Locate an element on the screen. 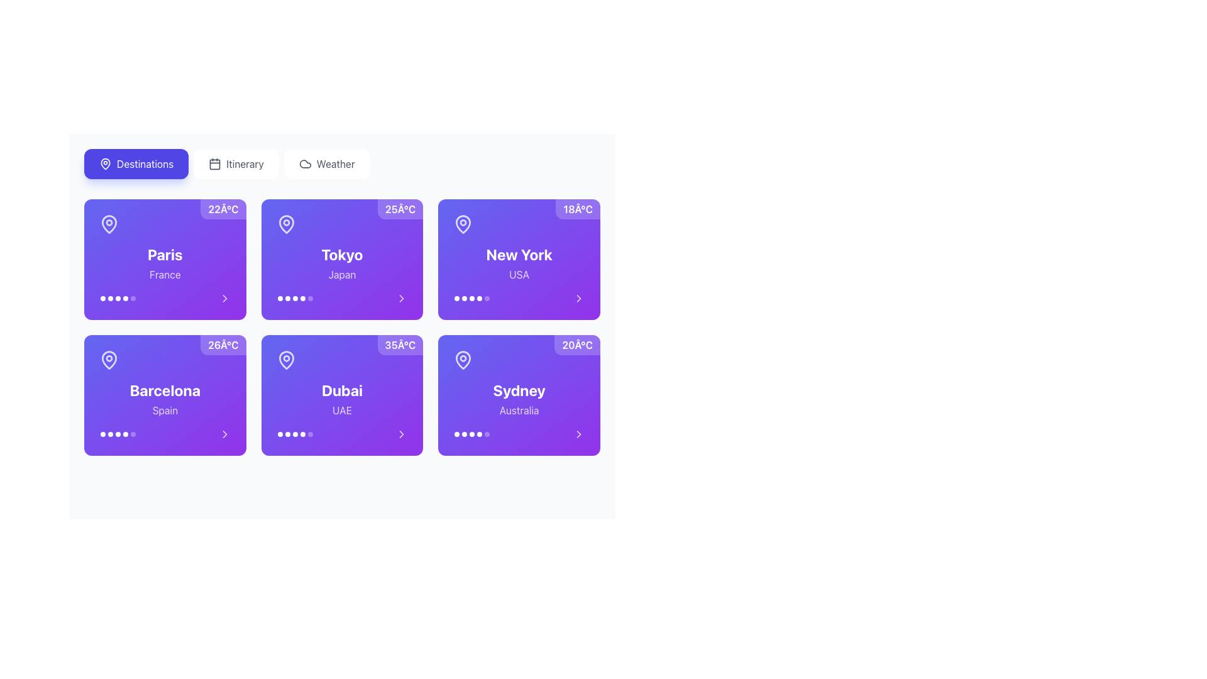 Image resolution: width=1207 pixels, height=679 pixels. the map pin icon located at the top-center inside the card representing 'Tokyo, Japan' in the second column of the first row of the grid is located at coordinates (285, 224).